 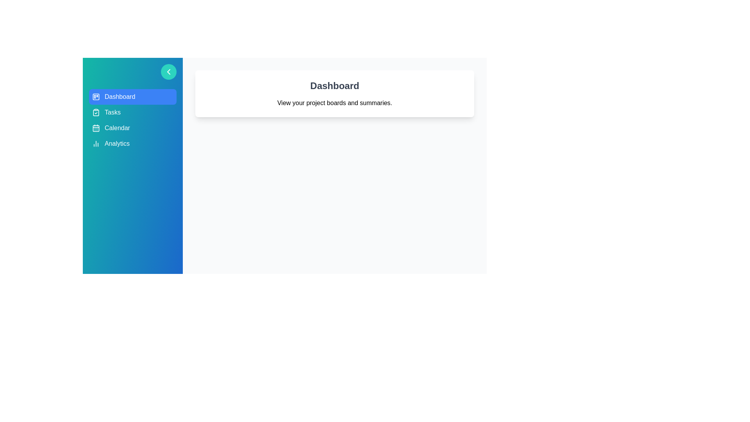 I want to click on the back or collapse button located in the circular button at the top right of the navigation bar to indicate interaction, so click(x=168, y=72).